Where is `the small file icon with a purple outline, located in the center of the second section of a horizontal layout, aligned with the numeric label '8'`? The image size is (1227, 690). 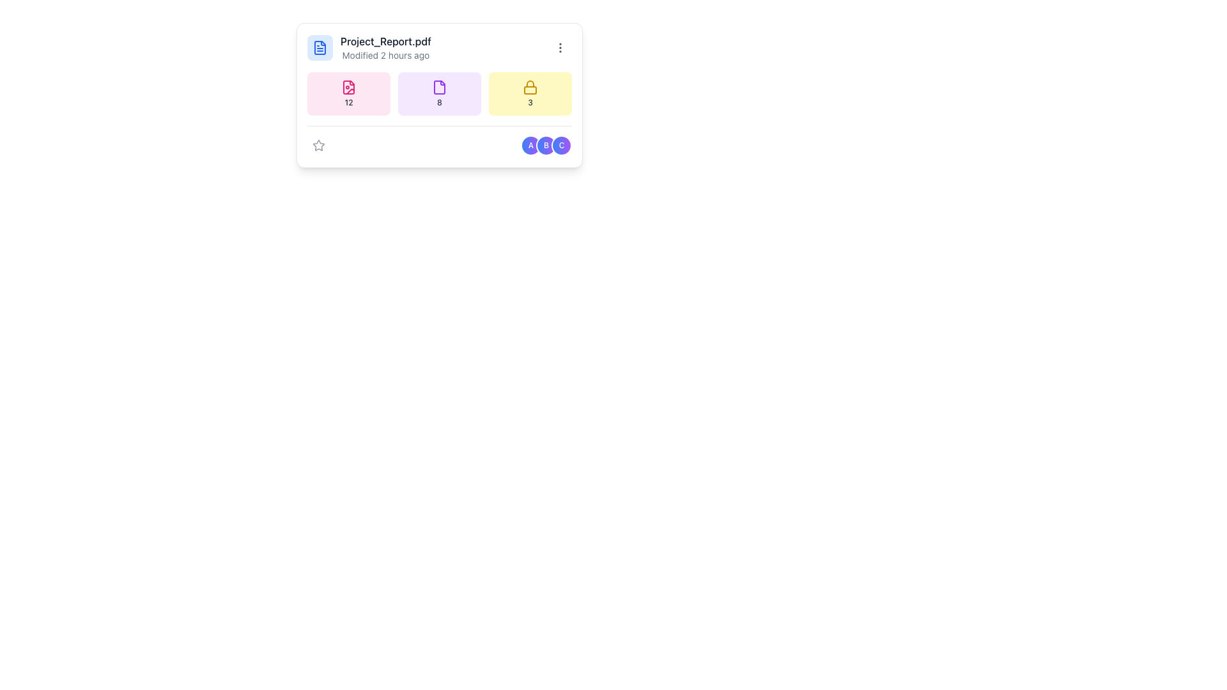 the small file icon with a purple outline, located in the center of the second section of a horizontal layout, aligned with the numeric label '8' is located at coordinates (439, 87).